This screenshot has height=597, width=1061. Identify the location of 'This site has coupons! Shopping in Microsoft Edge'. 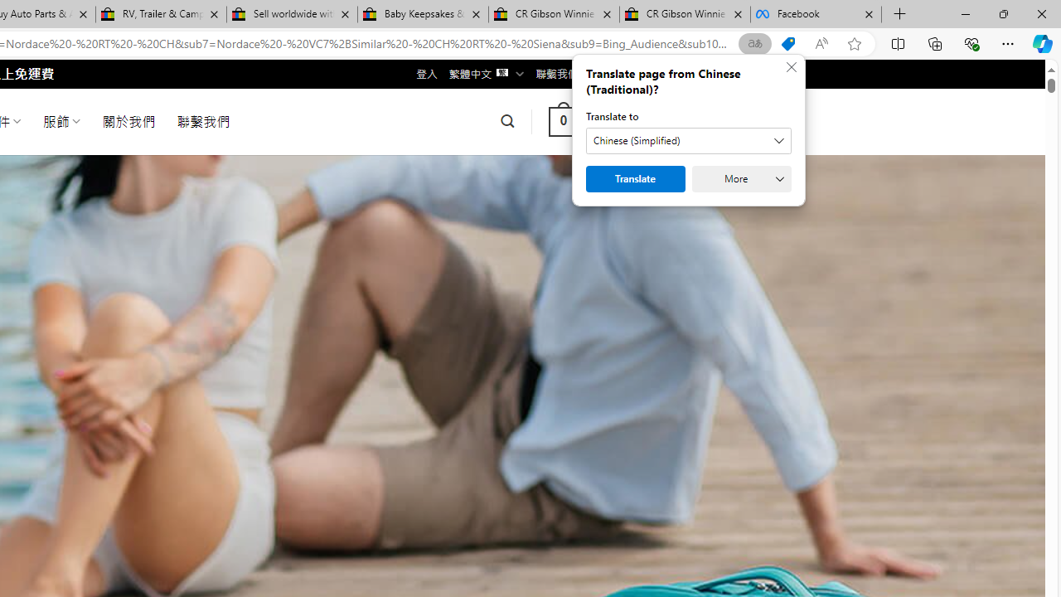
(787, 43).